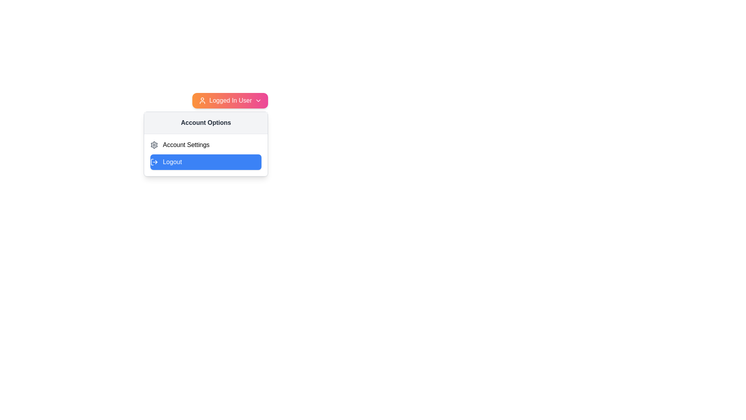  What do you see at coordinates (186, 145) in the screenshot?
I see `the 'Account Settings' text label` at bounding box center [186, 145].